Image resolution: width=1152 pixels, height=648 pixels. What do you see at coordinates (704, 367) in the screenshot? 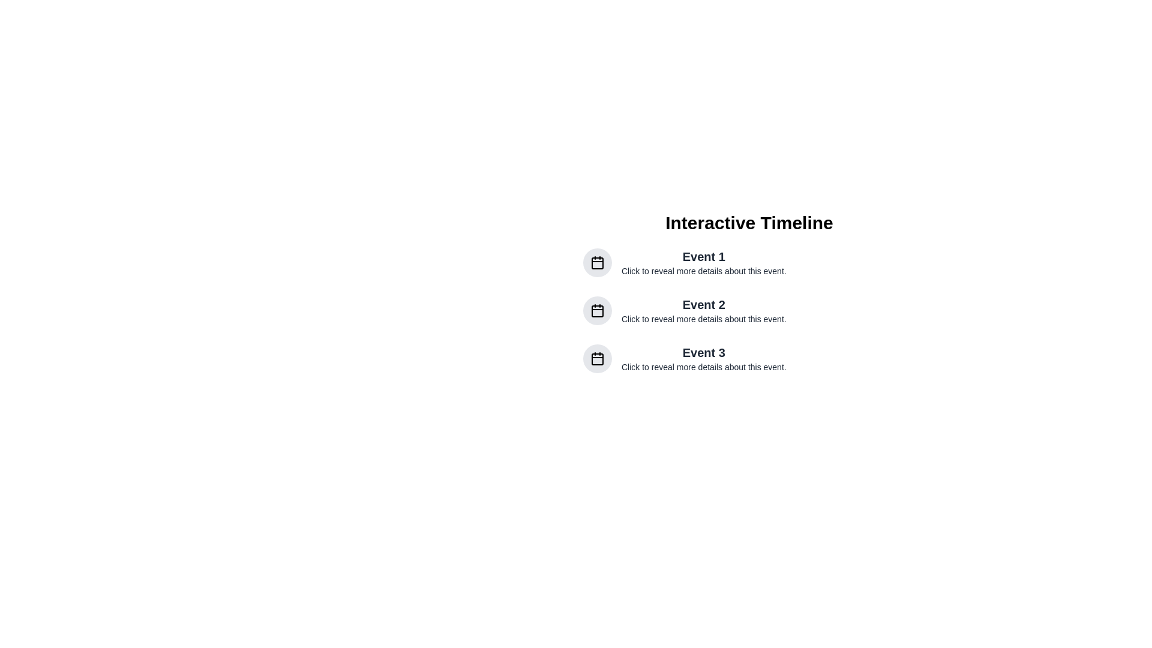
I see `the informational text that serves as a descriptive prompt for 'Event 3', positioned directly beneath the event title` at bounding box center [704, 367].